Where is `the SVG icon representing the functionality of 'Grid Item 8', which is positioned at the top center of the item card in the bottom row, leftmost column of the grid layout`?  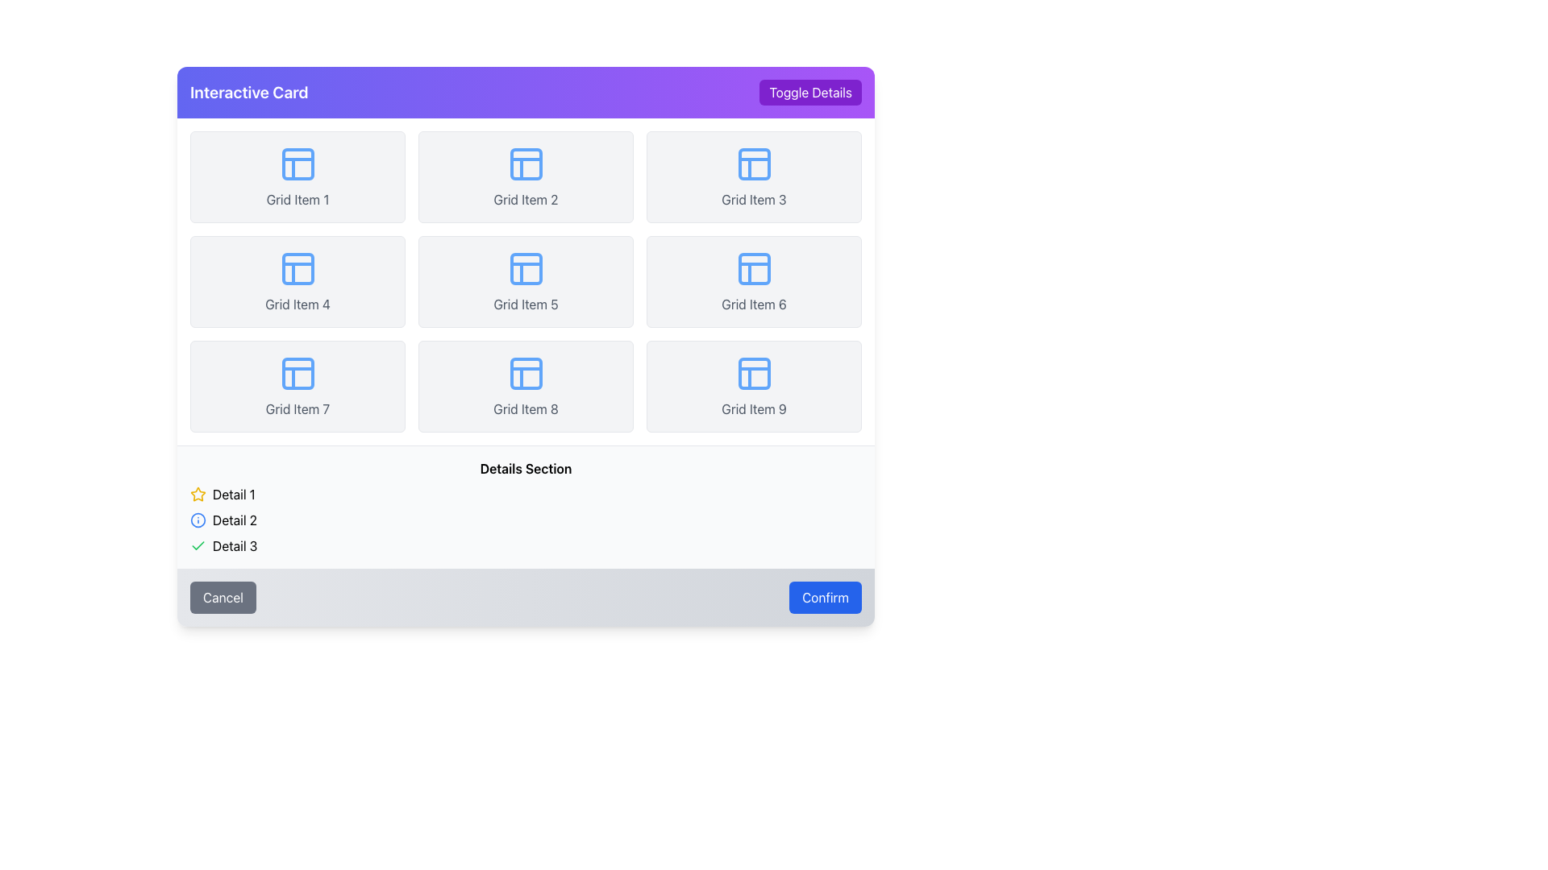 the SVG icon representing the functionality of 'Grid Item 8', which is positioned at the top center of the item card in the bottom row, leftmost column of the grid layout is located at coordinates (526, 373).